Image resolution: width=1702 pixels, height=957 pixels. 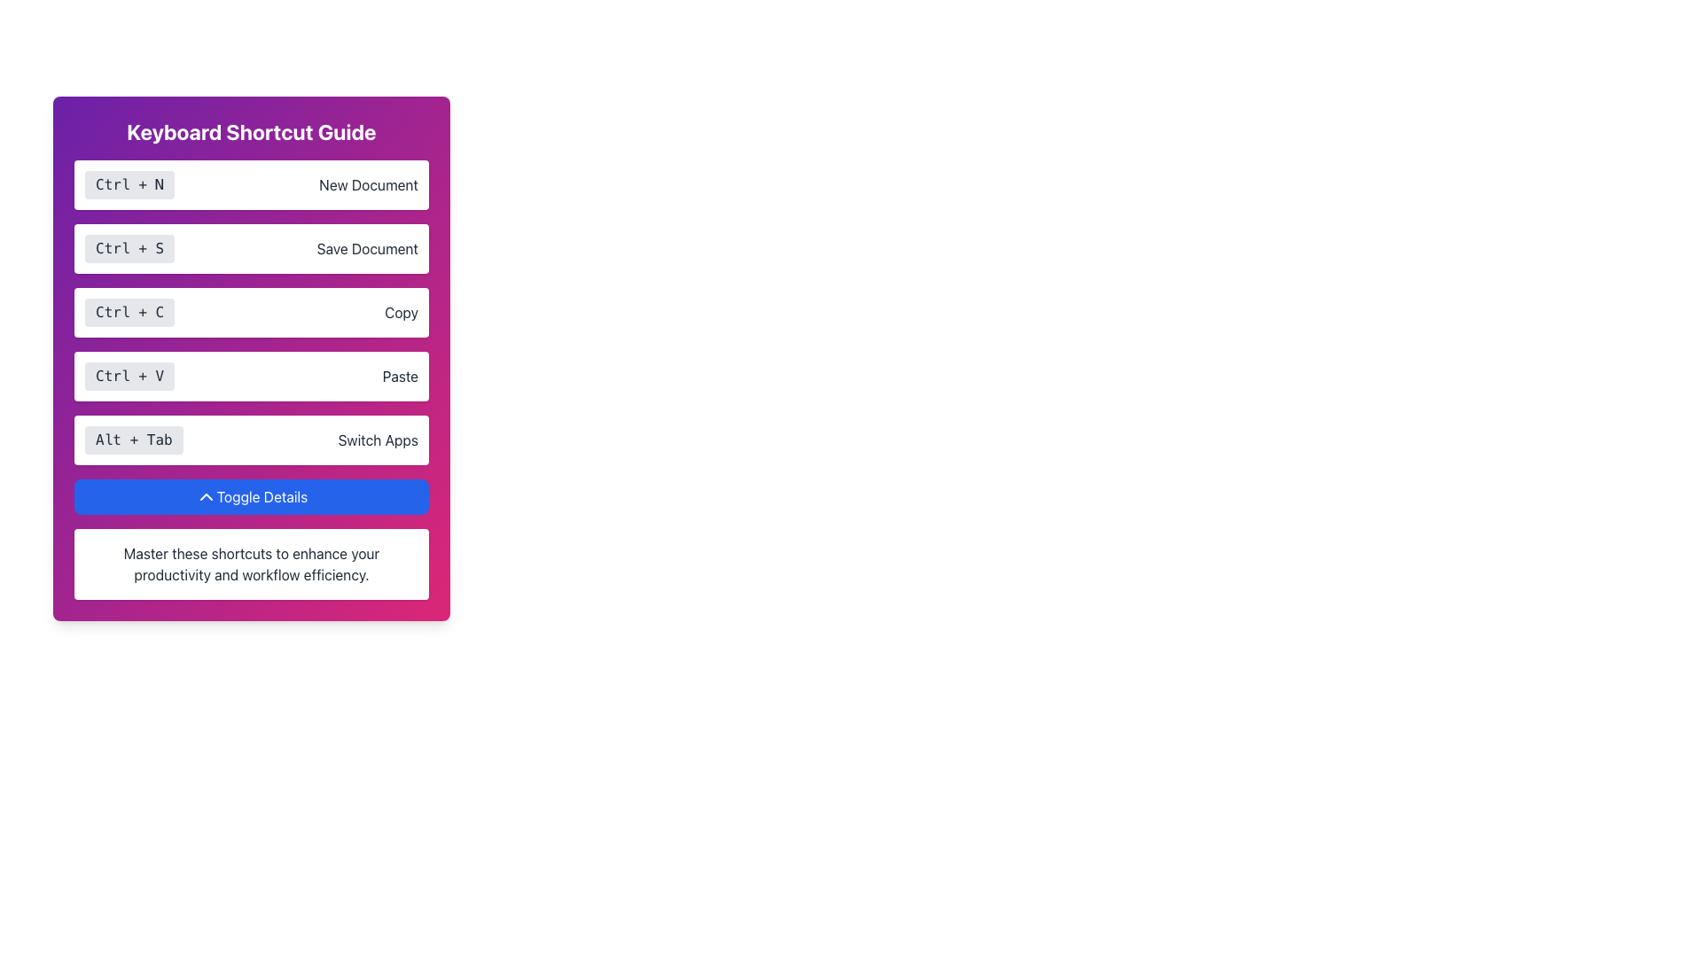 I want to click on the text label that represents a keyboard shortcut combination, located to the left of the 'Copy' text element in the third option of a vertically oriented list, so click(x=129, y=312).